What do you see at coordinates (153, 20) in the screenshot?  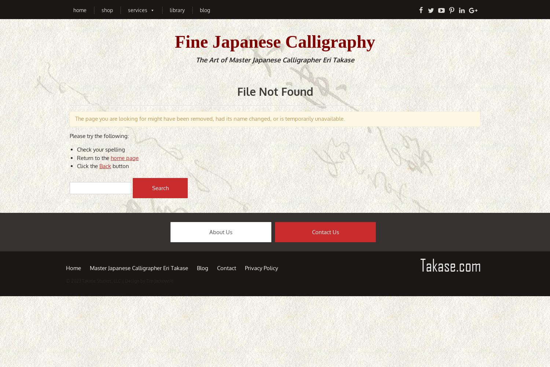 I see `'Japanese Calligraphy Art'` at bounding box center [153, 20].